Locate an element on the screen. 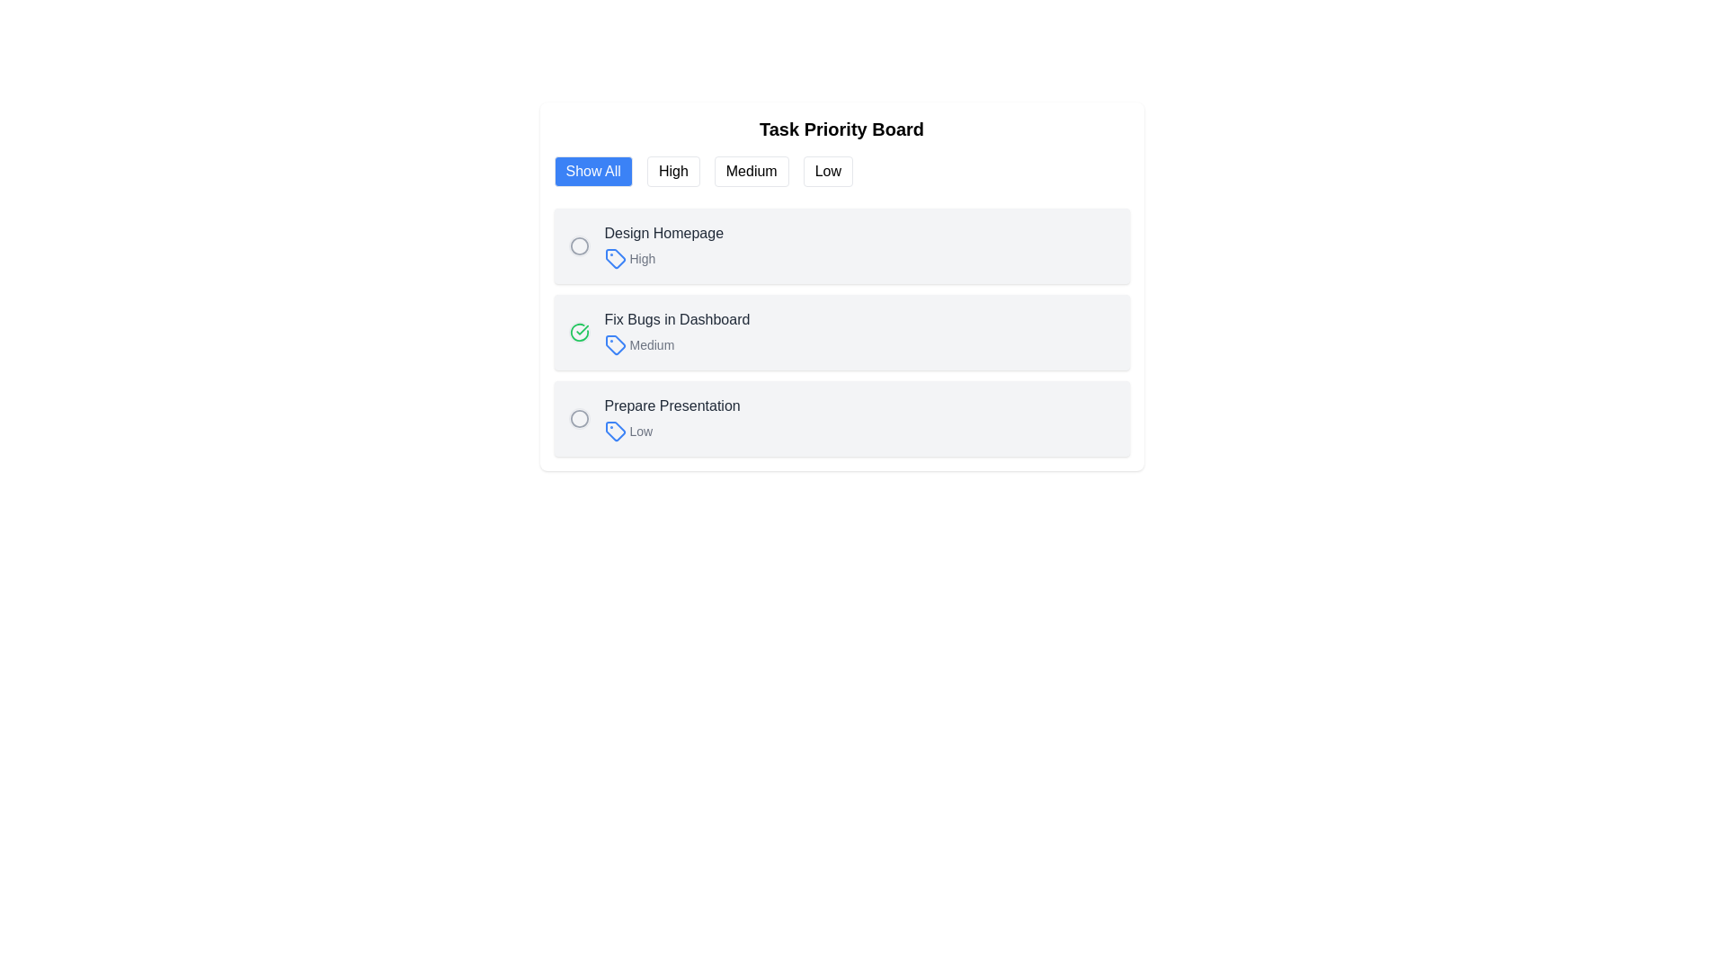  the second button in the horizontal row of four buttons at the top of the 'Task Priority Board' interface is located at coordinates (672, 172).